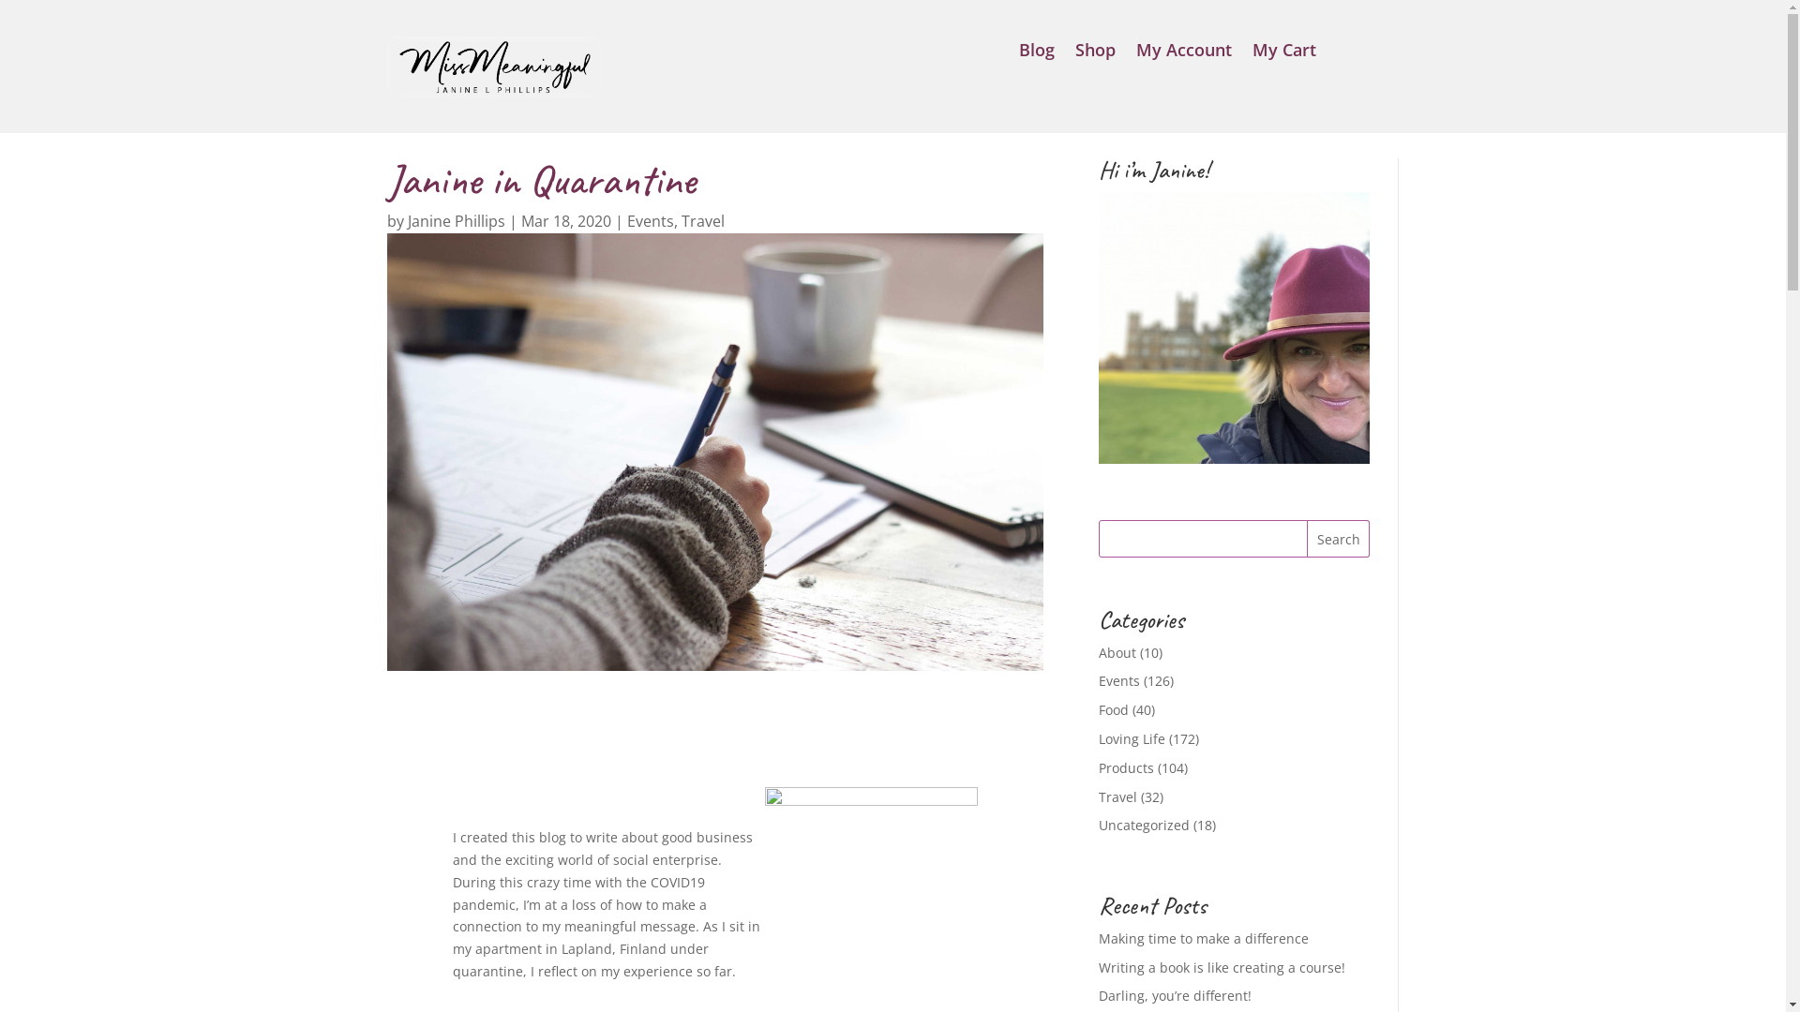 Image resolution: width=1800 pixels, height=1012 pixels. I want to click on 'Search', so click(1338, 538).